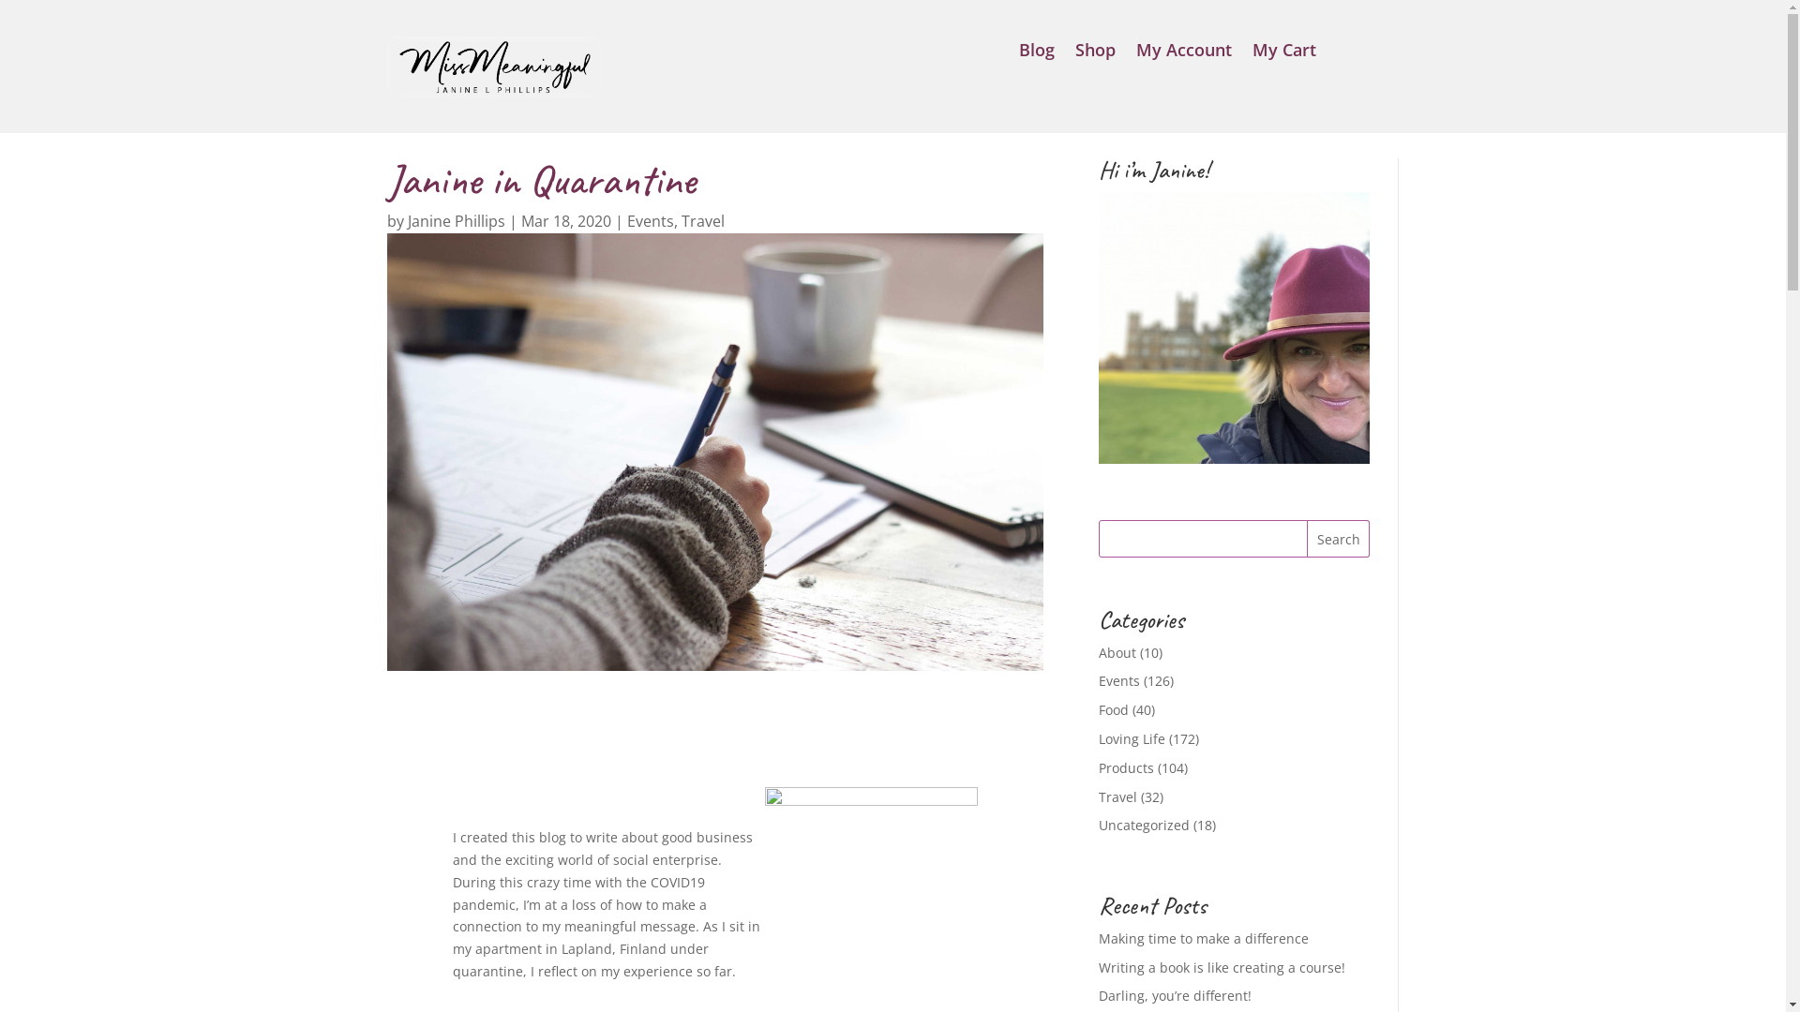 Image resolution: width=1800 pixels, height=1012 pixels. I want to click on 'Search', so click(1338, 538).